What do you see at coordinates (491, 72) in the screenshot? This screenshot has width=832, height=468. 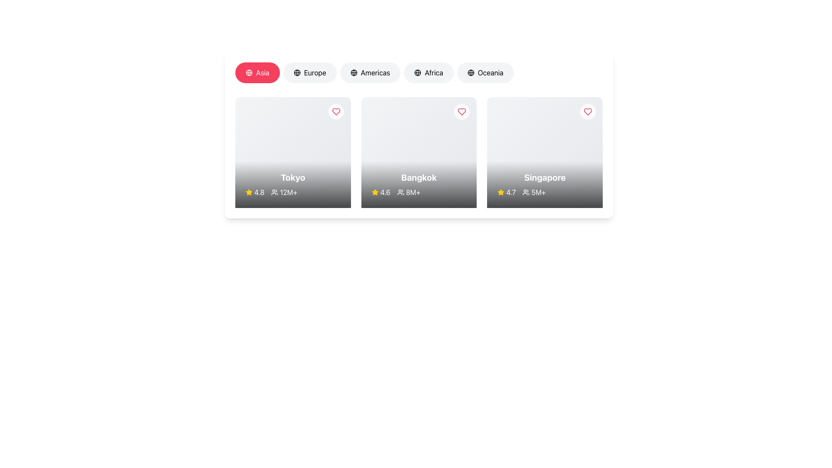 I see `the clickable text or label for the 'Oceania' filter located in the top center navigation bar, specifically the sixth option after 'Asia', 'Europe', 'Americas', and 'Africa'` at bounding box center [491, 72].